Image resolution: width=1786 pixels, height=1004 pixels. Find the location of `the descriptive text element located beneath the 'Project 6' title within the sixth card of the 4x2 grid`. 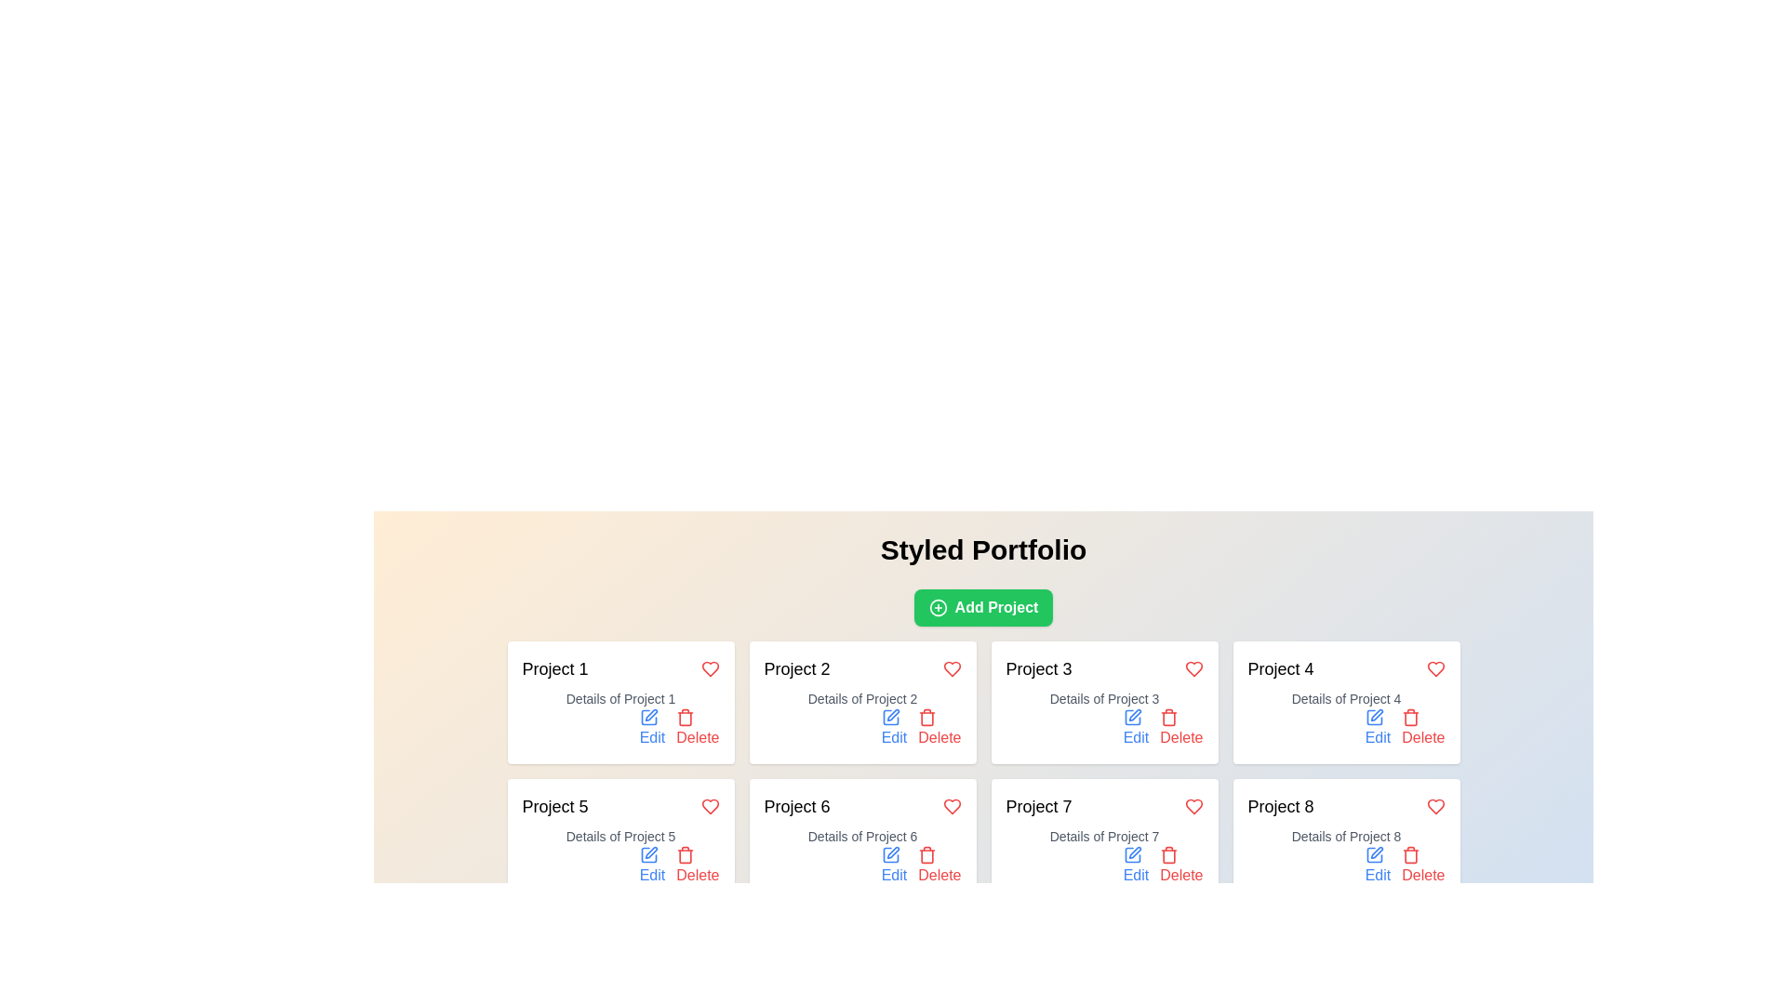

the descriptive text element located beneath the 'Project 6' title within the sixth card of the 4x2 grid is located at coordinates (861, 835).